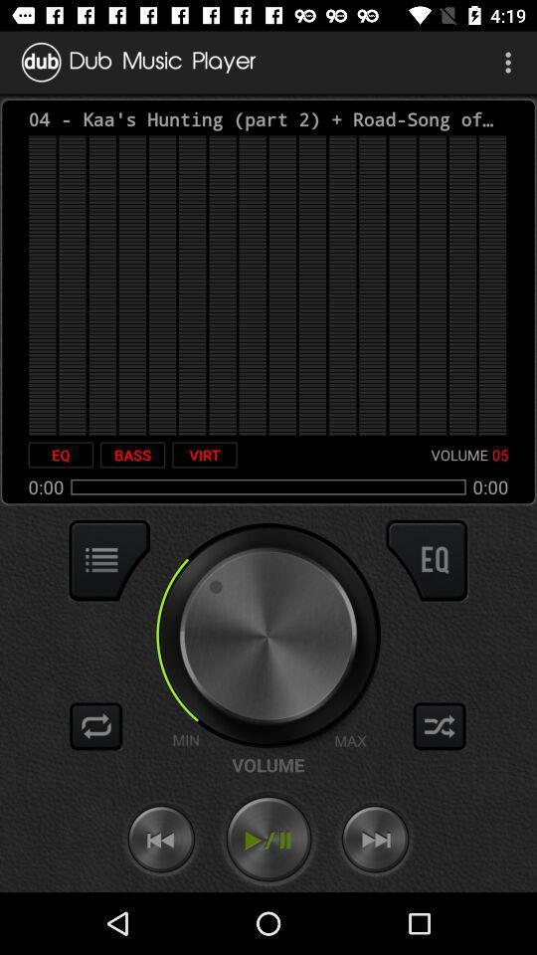 Image resolution: width=537 pixels, height=955 pixels. Describe the element at coordinates (440, 725) in the screenshot. I see `shuffle play` at that location.